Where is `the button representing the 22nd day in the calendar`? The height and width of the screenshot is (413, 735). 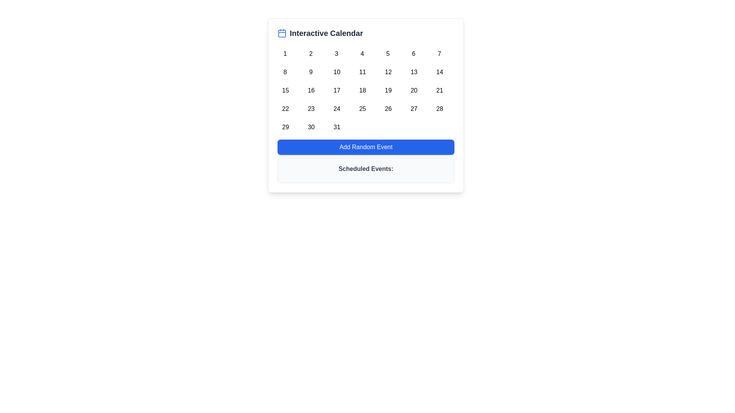 the button representing the 22nd day in the calendar is located at coordinates (284, 107).